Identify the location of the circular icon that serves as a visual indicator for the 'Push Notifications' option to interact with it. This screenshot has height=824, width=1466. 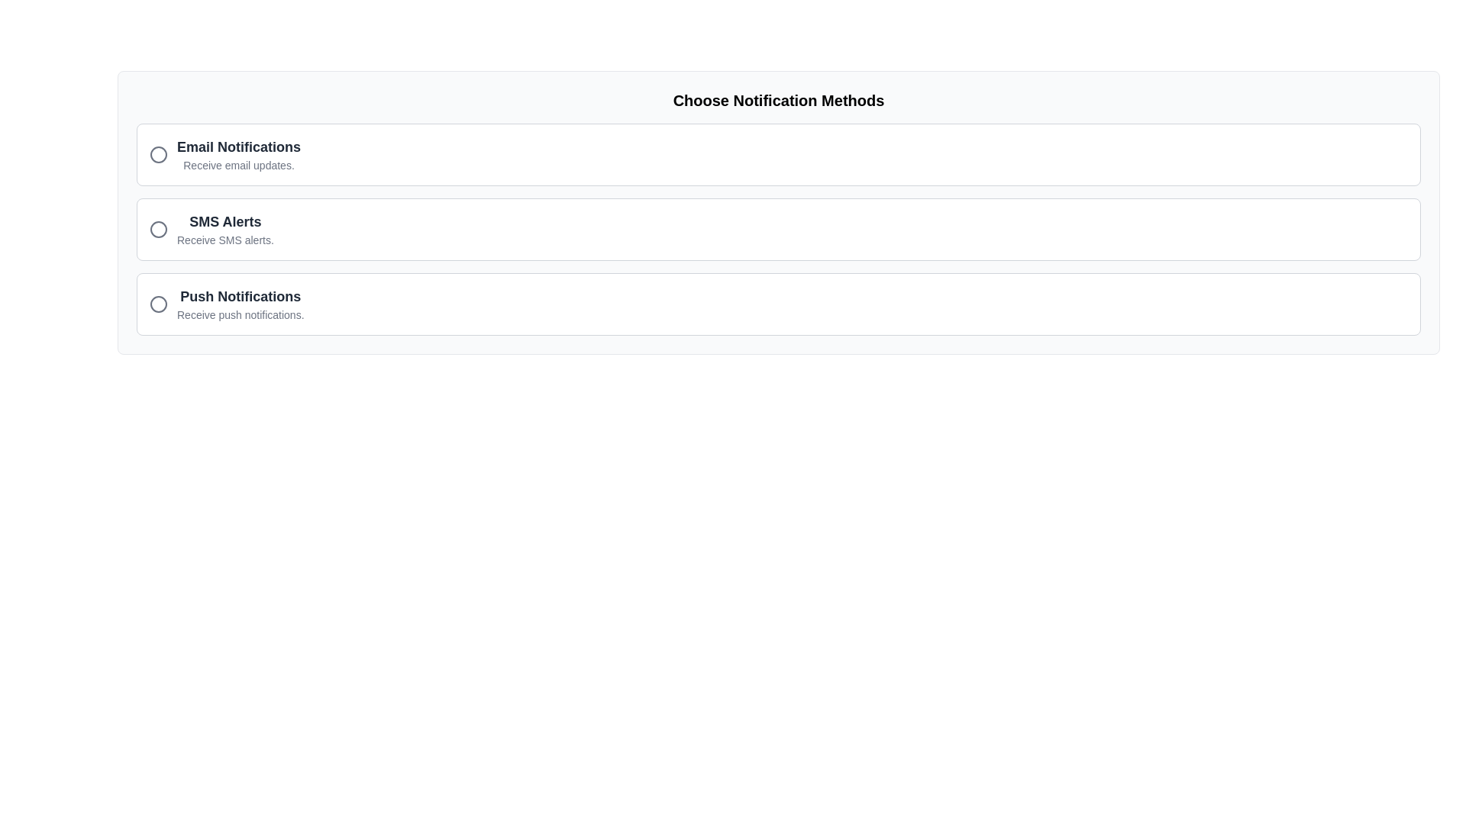
(158, 304).